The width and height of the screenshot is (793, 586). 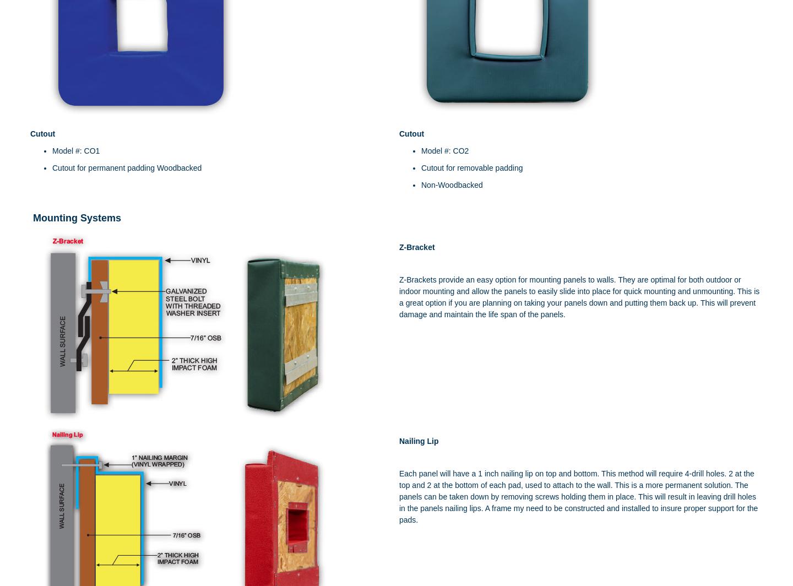 I want to click on 'Model #: CO1', so click(x=75, y=150).